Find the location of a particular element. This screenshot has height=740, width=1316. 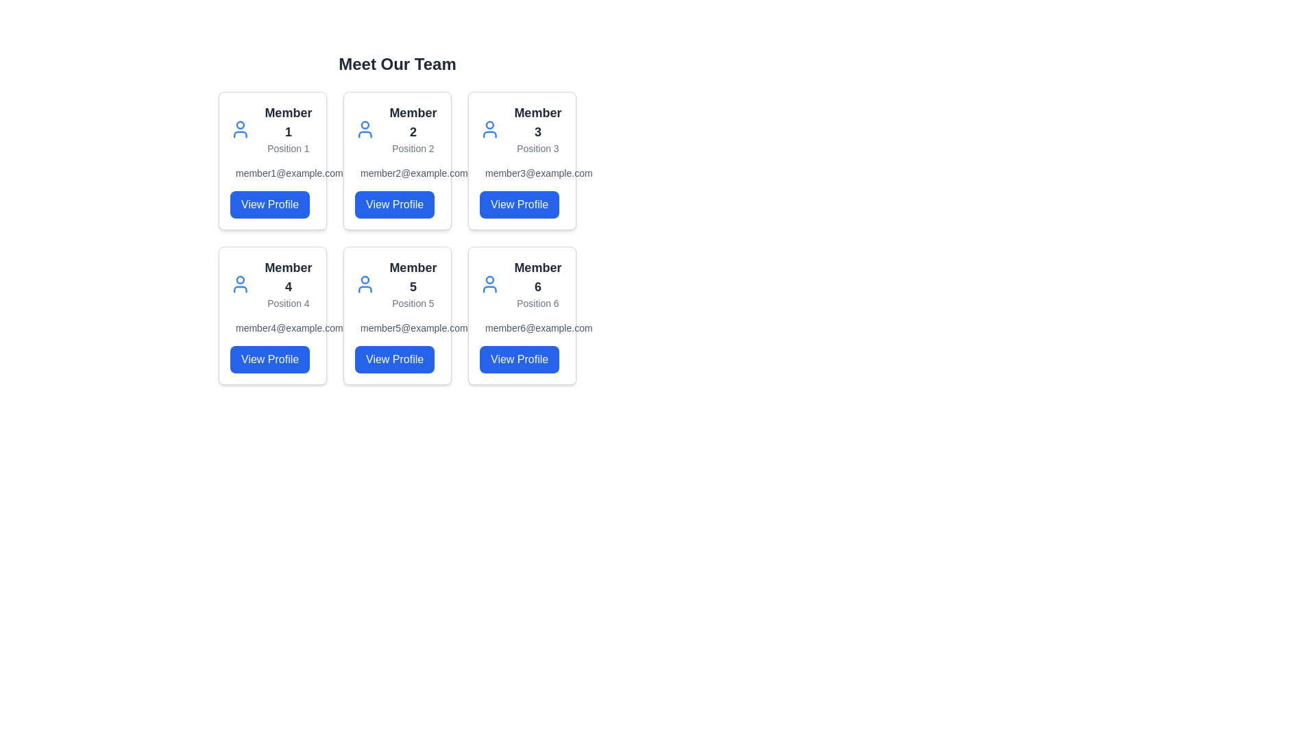

the text block that identifies the first team member by name and position, located in the top-left corner of the grid layout is located at coordinates (287, 129).